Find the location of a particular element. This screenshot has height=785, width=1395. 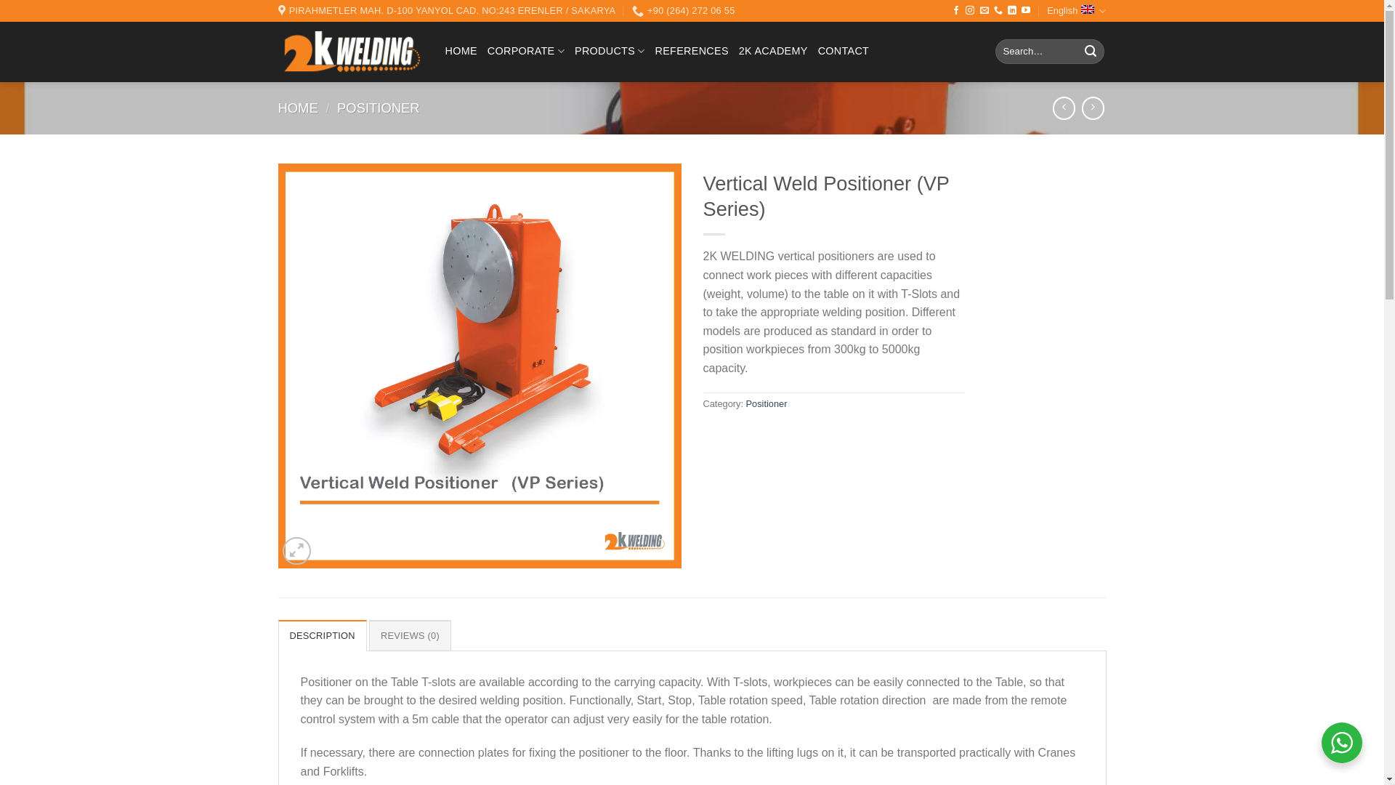

'Follow on Facebook' is located at coordinates (955, 11).